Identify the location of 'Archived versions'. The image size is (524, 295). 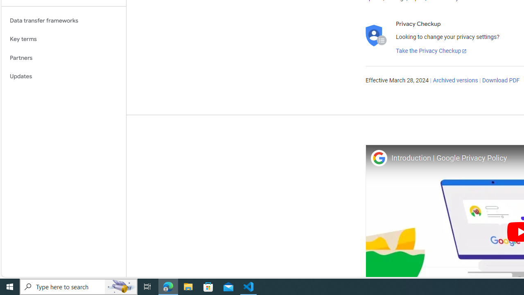
(455, 80).